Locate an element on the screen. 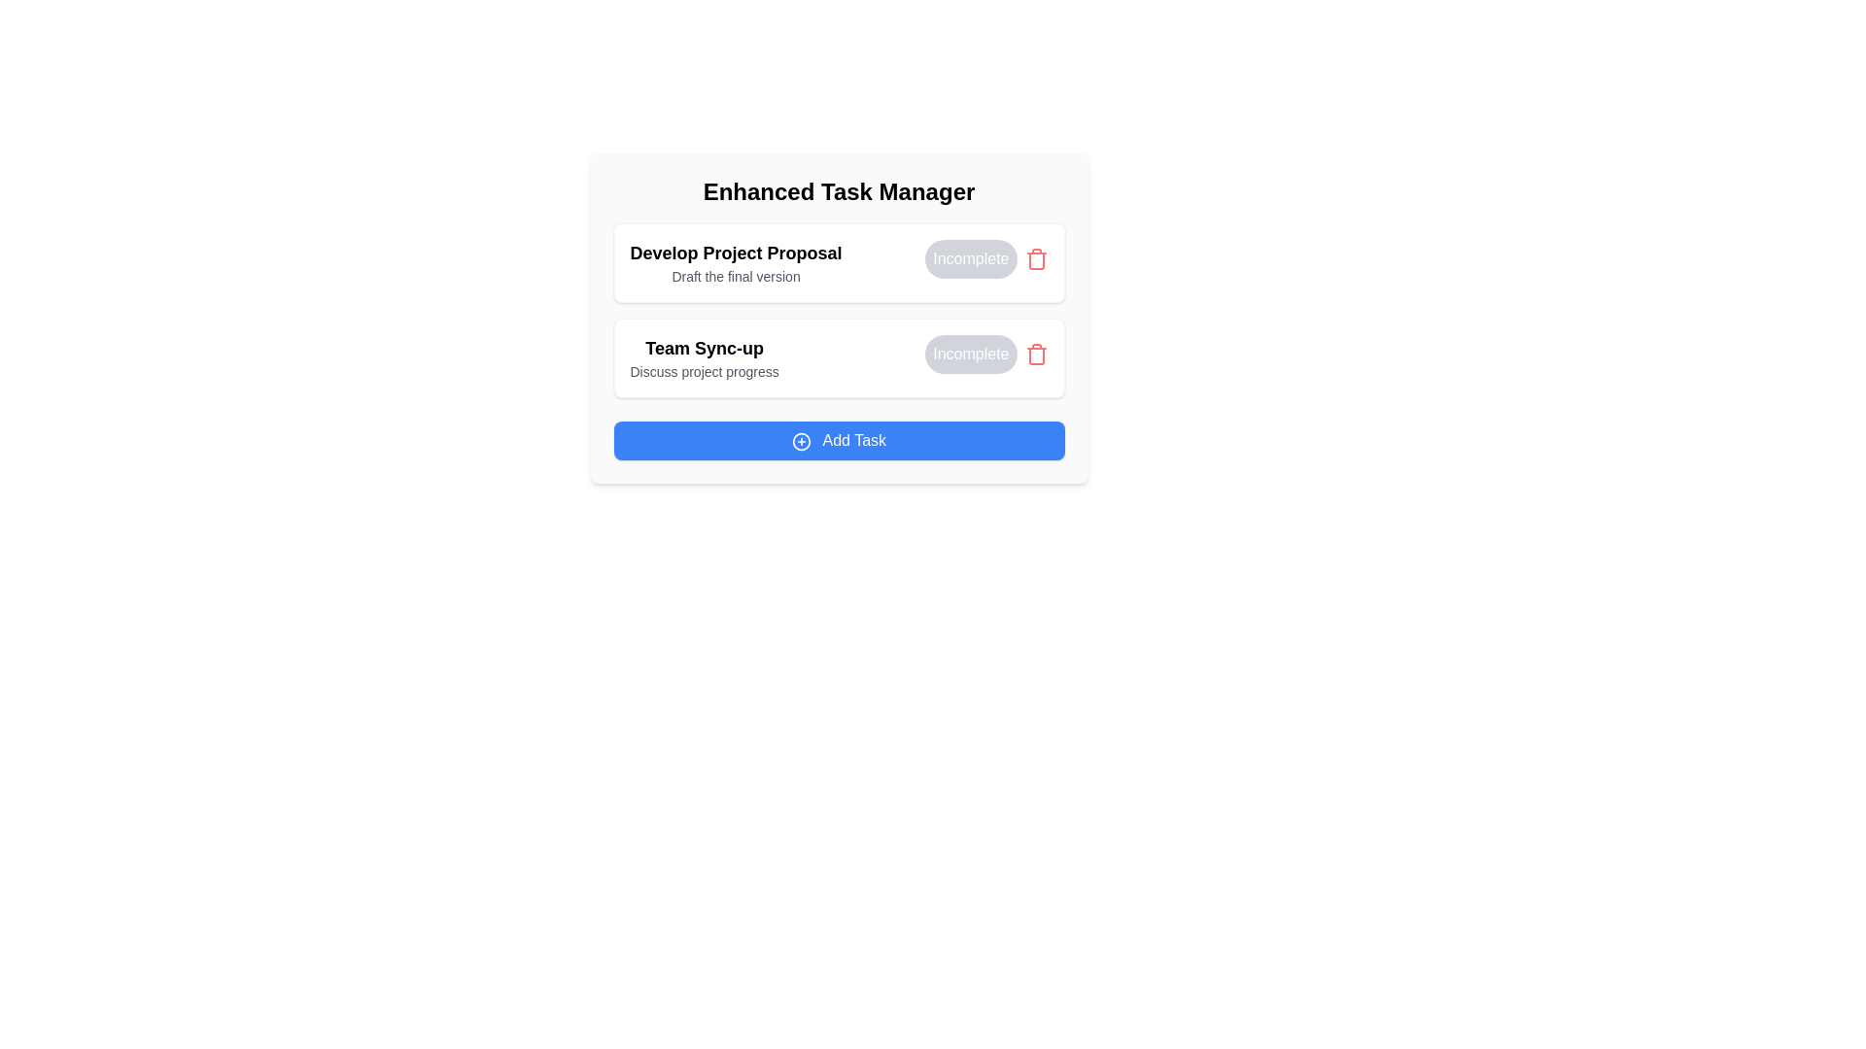 This screenshot has height=1049, width=1866. the visual status indicator label for the task 'Team Sync-up' in the Enhanced Task Manager, which indicates that the task is not yet completed is located at coordinates (986, 355).